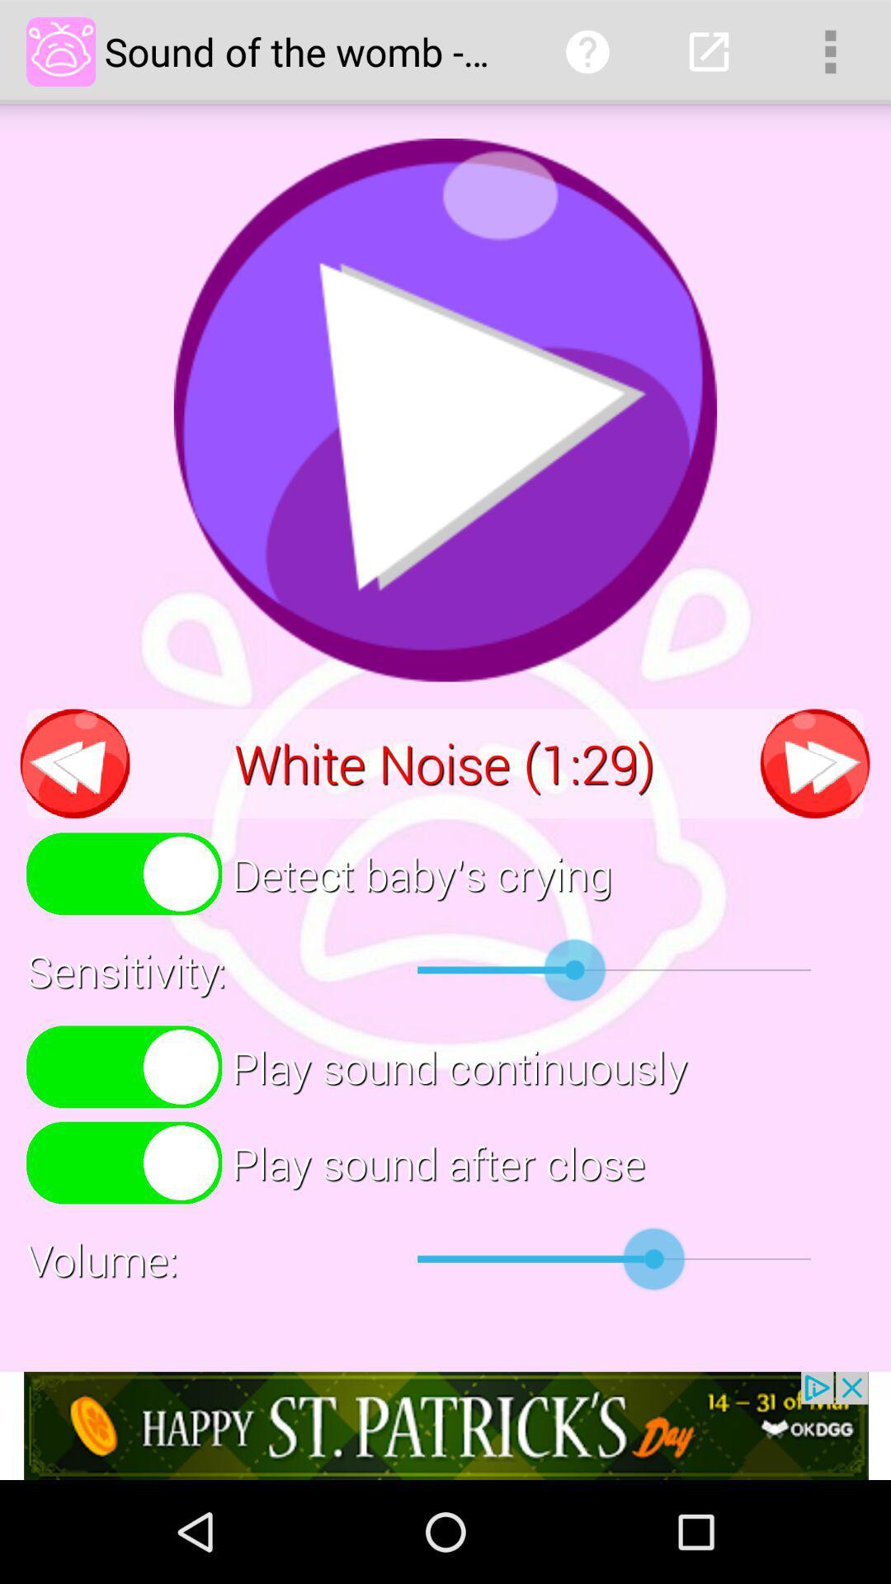  What do you see at coordinates (75, 817) in the screenshot?
I see `the av_rewind icon` at bounding box center [75, 817].